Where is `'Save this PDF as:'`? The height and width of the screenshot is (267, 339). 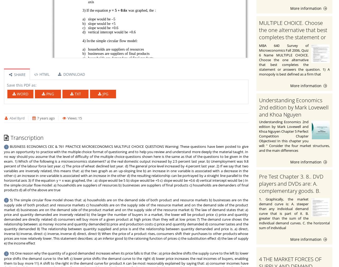
'Save this PDF as:' is located at coordinates (7, 85).